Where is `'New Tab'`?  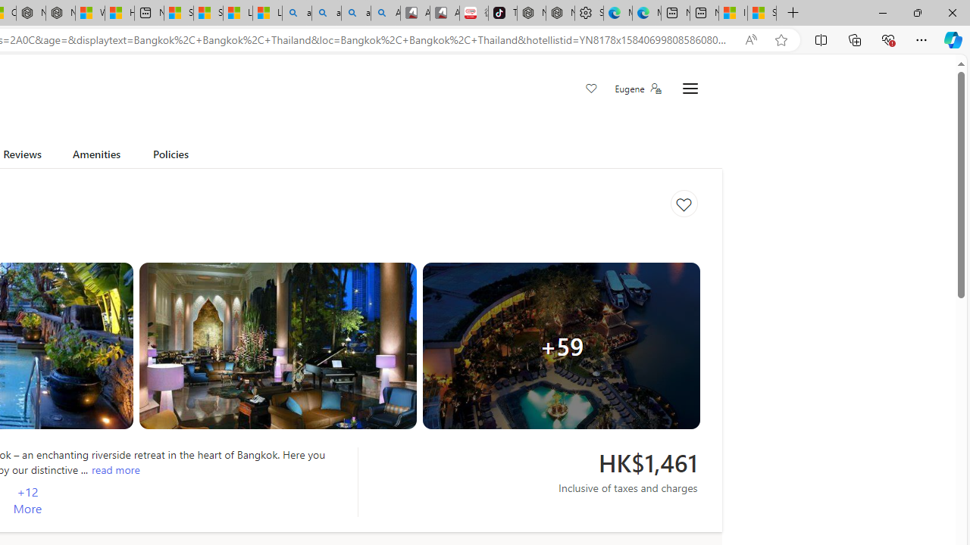
'New Tab' is located at coordinates (793, 13).